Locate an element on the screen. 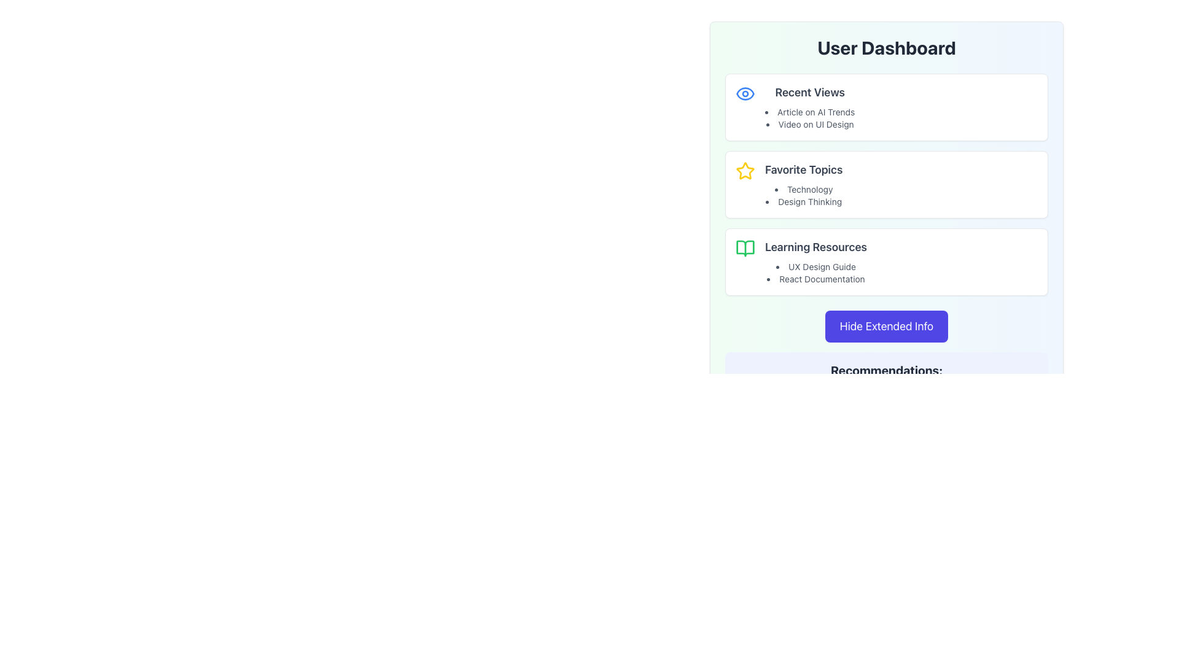 The image size is (1179, 663). the Text label indicating 'Learning Resources' in the User Dashboard, which organizes associated information for learning content is located at coordinates (816, 247).